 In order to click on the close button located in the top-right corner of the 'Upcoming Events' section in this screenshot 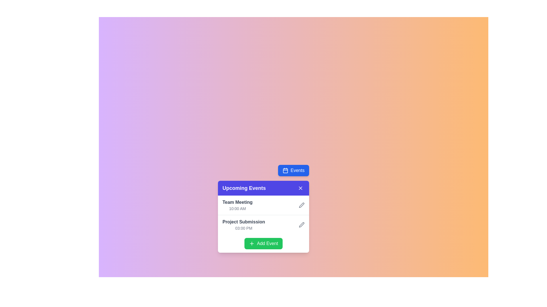, I will do `click(300, 188)`.